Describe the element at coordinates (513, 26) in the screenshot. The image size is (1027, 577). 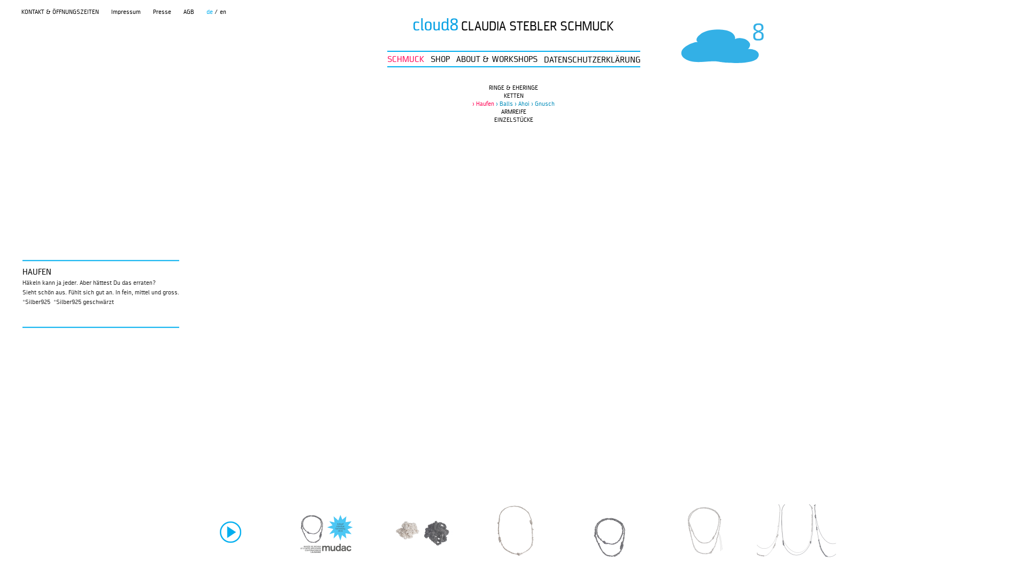
I see `'CLAUDIA STEBLER SCHMUCK'` at that location.